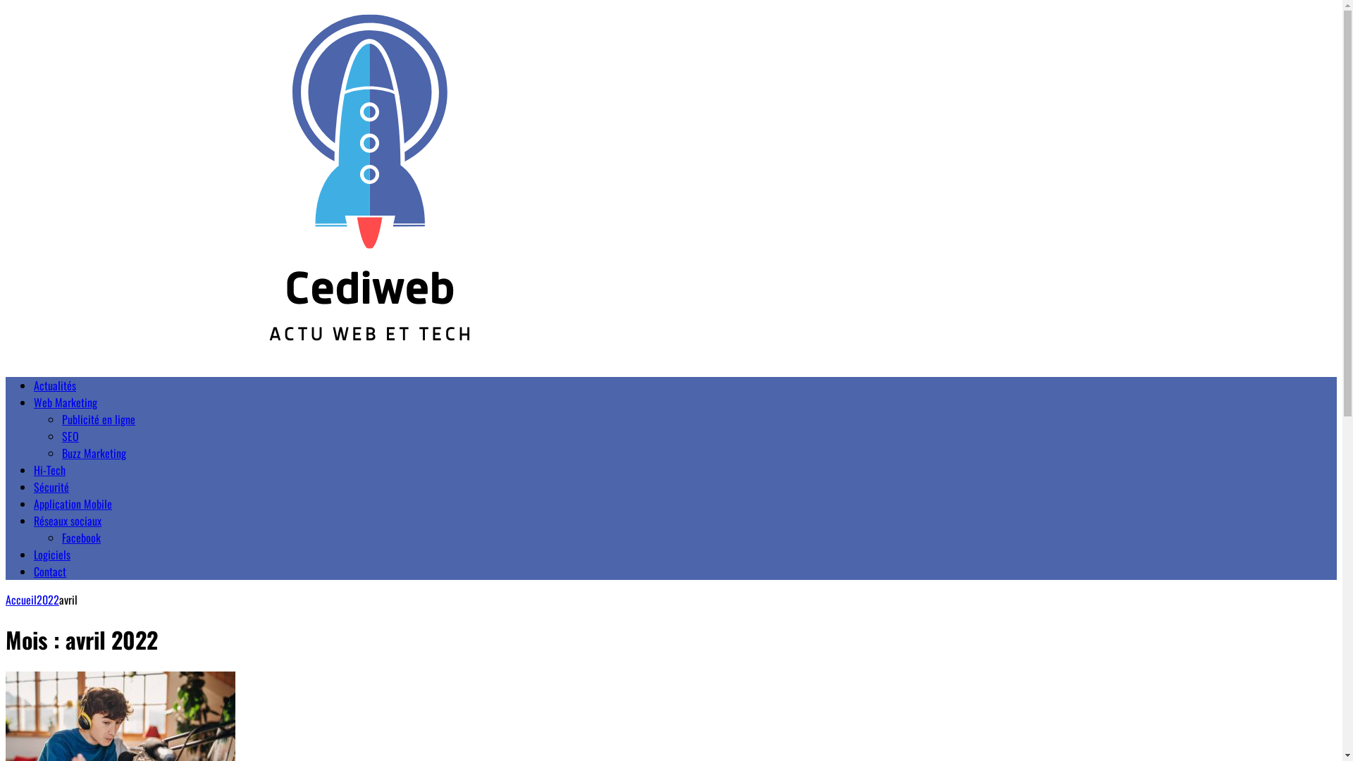 This screenshot has height=761, width=1353. What do you see at coordinates (72, 502) in the screenshot?
I see `'Application Mobile'` at bounding box center [72, 502].